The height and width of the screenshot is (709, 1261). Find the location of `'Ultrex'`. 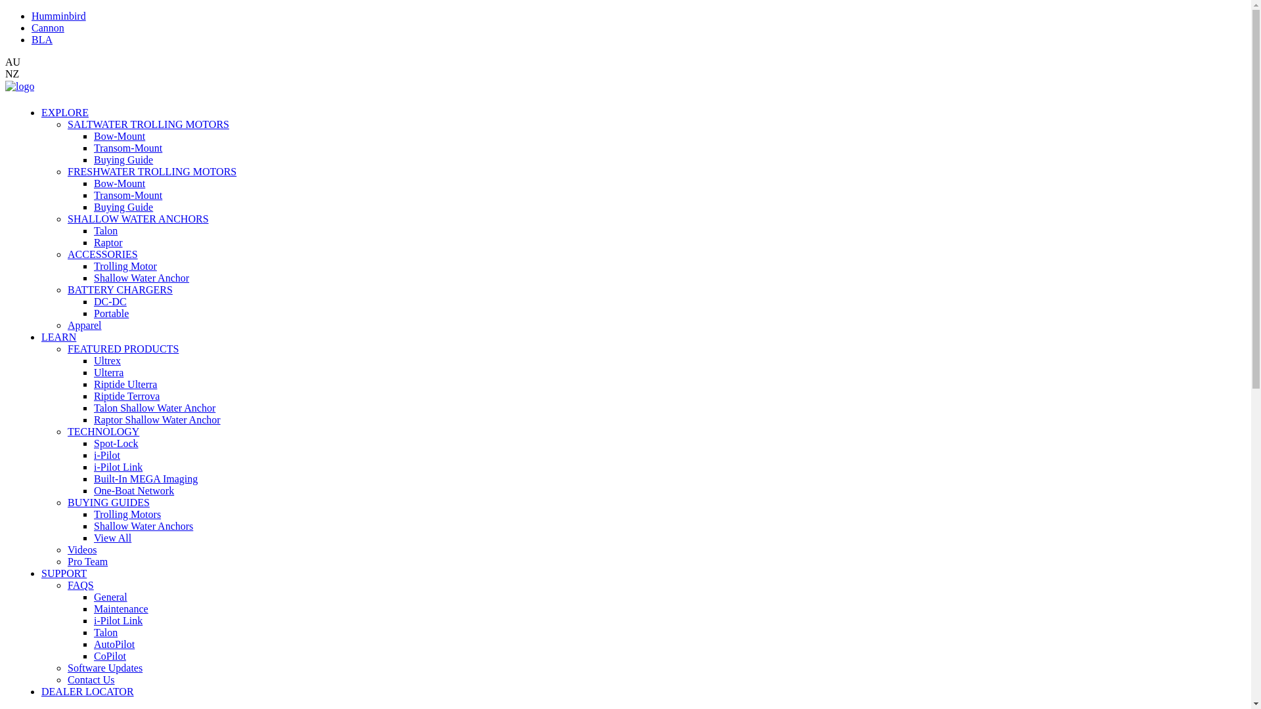

'Ultrex' is located at coordinates (107, 360).